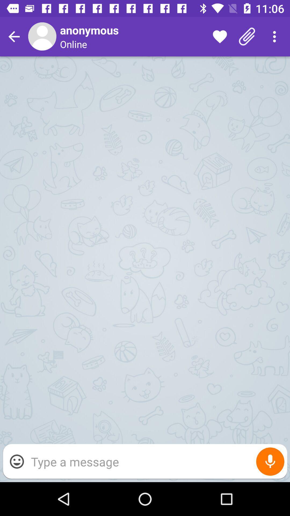 The image size is (290, 516). I want to click on go back, so click(14, 36).